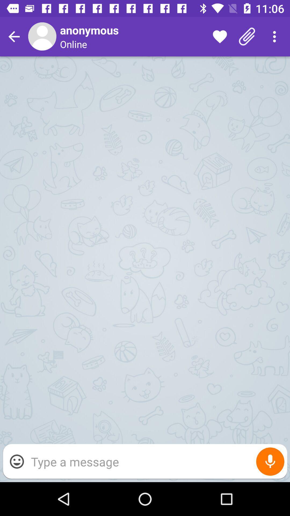 The image size is (290, 516). I want to click on go back, so click(14, 36).